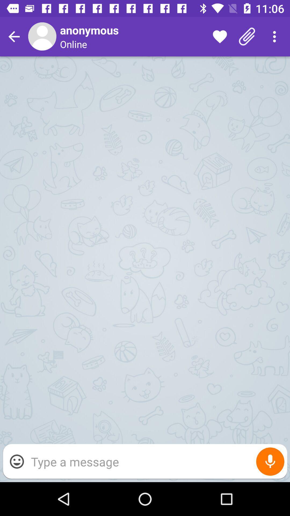 The image size is (290, 516). I want to click on go back, so click(14, 36).